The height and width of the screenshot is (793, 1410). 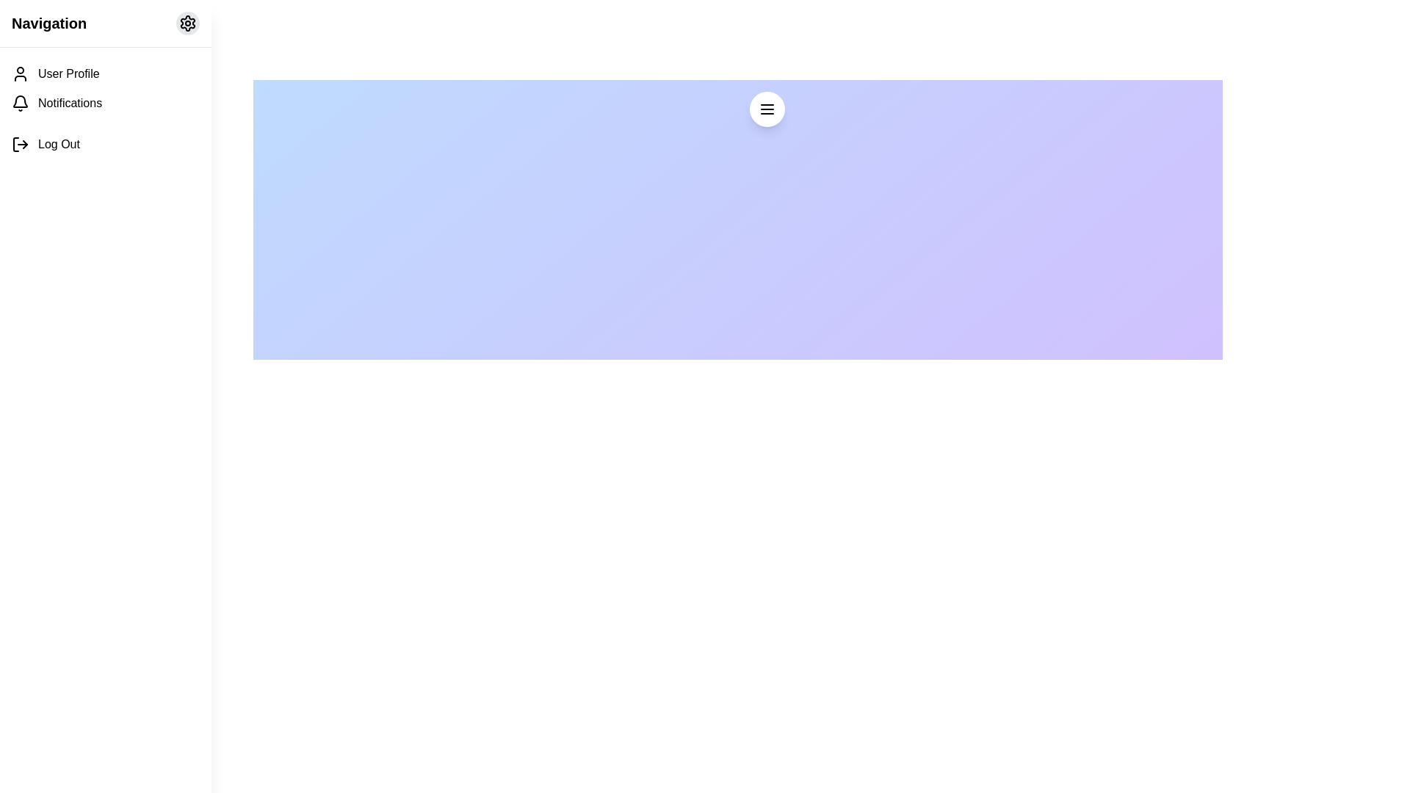 I want to click on the circular settings button with a gray background located in the top-right corner of the navigation bar header, so click(x=187, y=23).